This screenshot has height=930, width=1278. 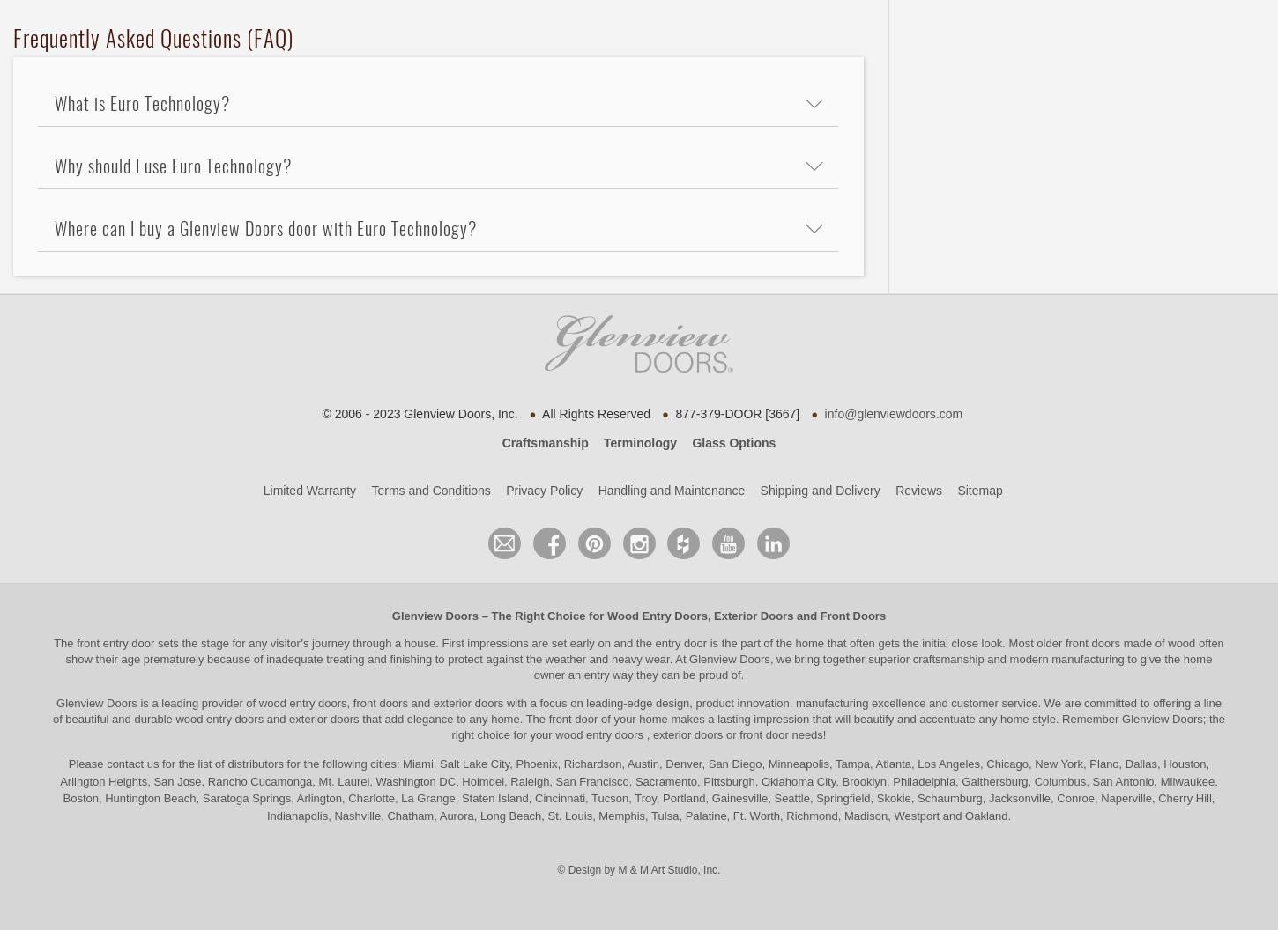 I want to click on '© 2006 - 2023 Glenview Doors, Inc.', so click(x=417, y=411).